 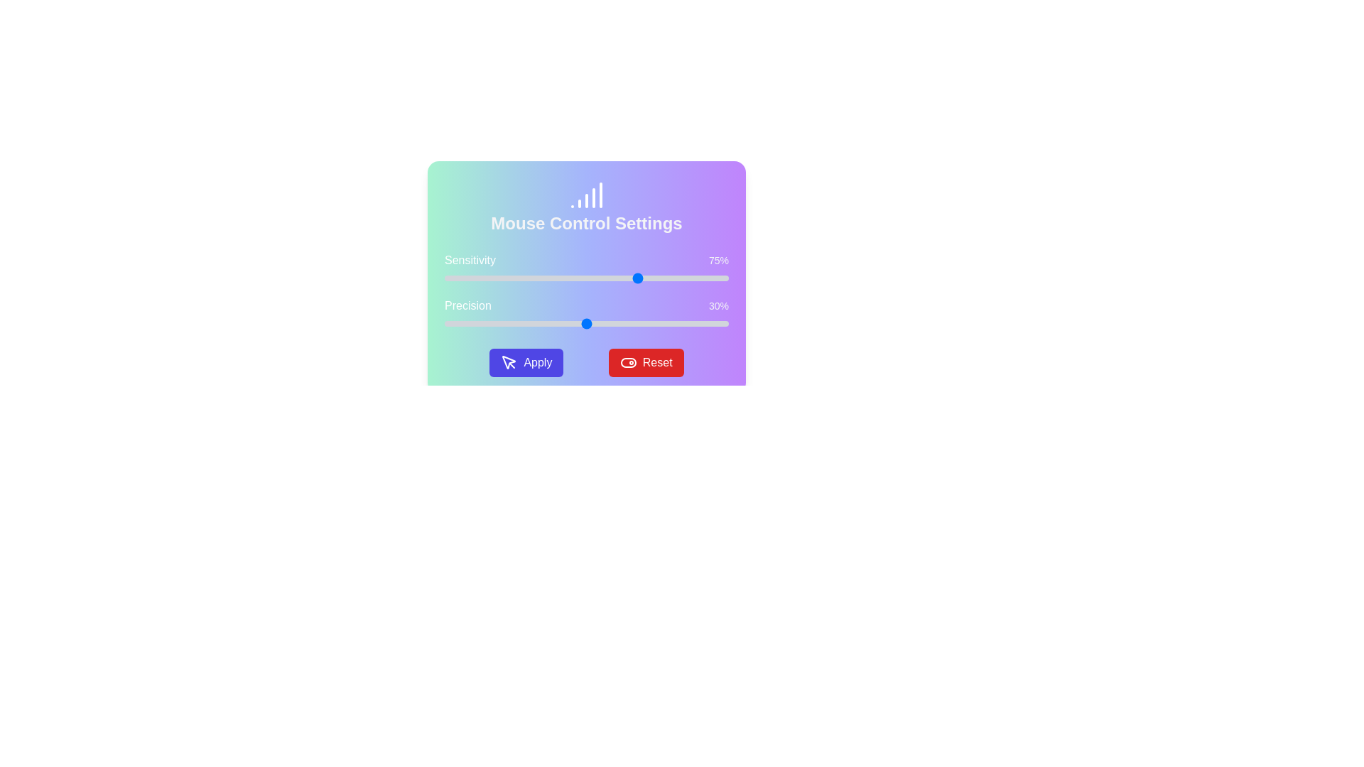 What do you see at coordinates (540, 278) in the screenshot?
I see `the sensitivity` at bounding box center [540, 278].